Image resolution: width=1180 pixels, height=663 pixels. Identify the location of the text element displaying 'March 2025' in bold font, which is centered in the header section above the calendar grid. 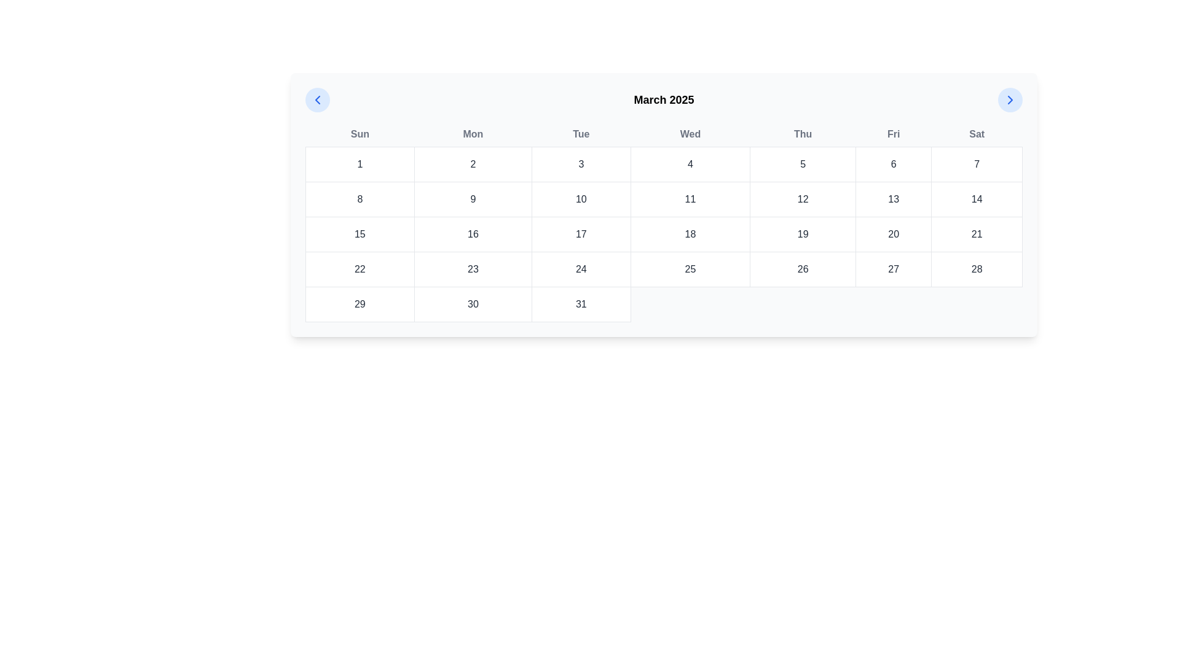
(663, 99).